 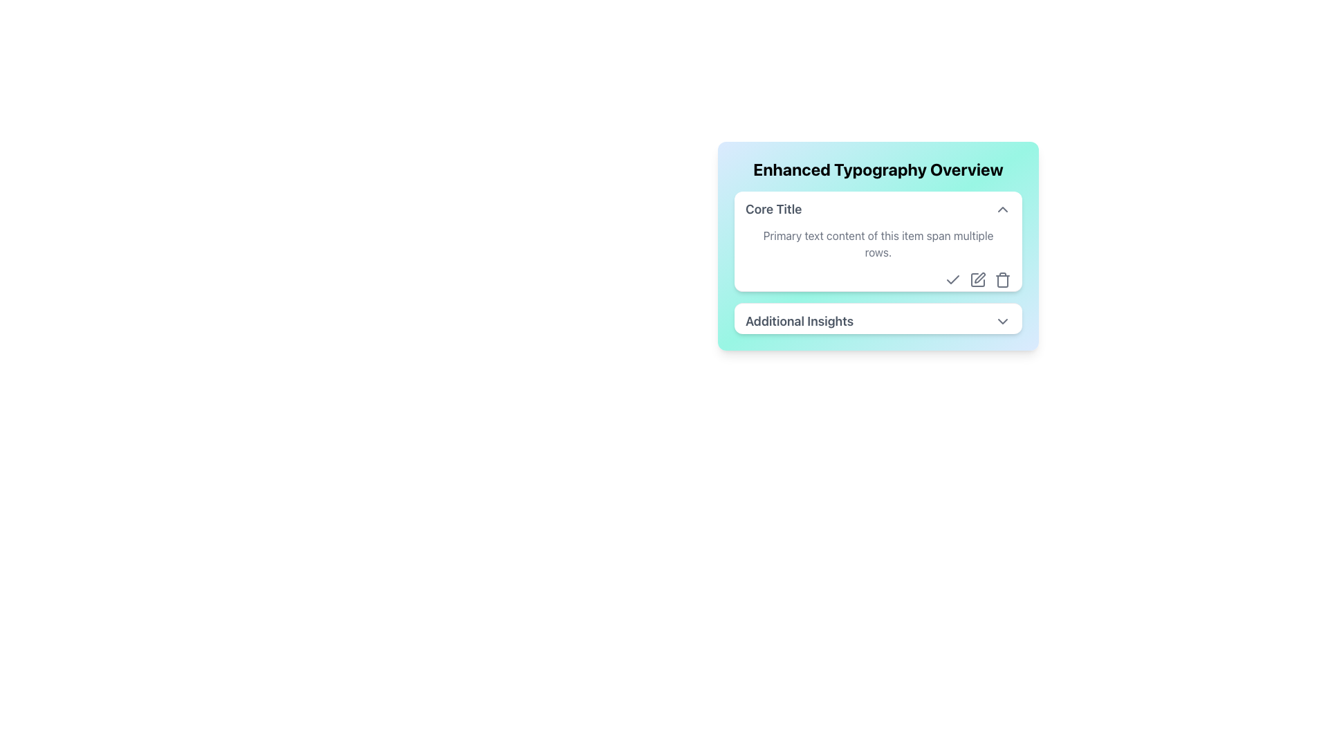 I want to click on the static text label that indicates the additional insights section, which is positioned to the left of an interactive chevron arrow and a text icon, so click(x=800, y=322).